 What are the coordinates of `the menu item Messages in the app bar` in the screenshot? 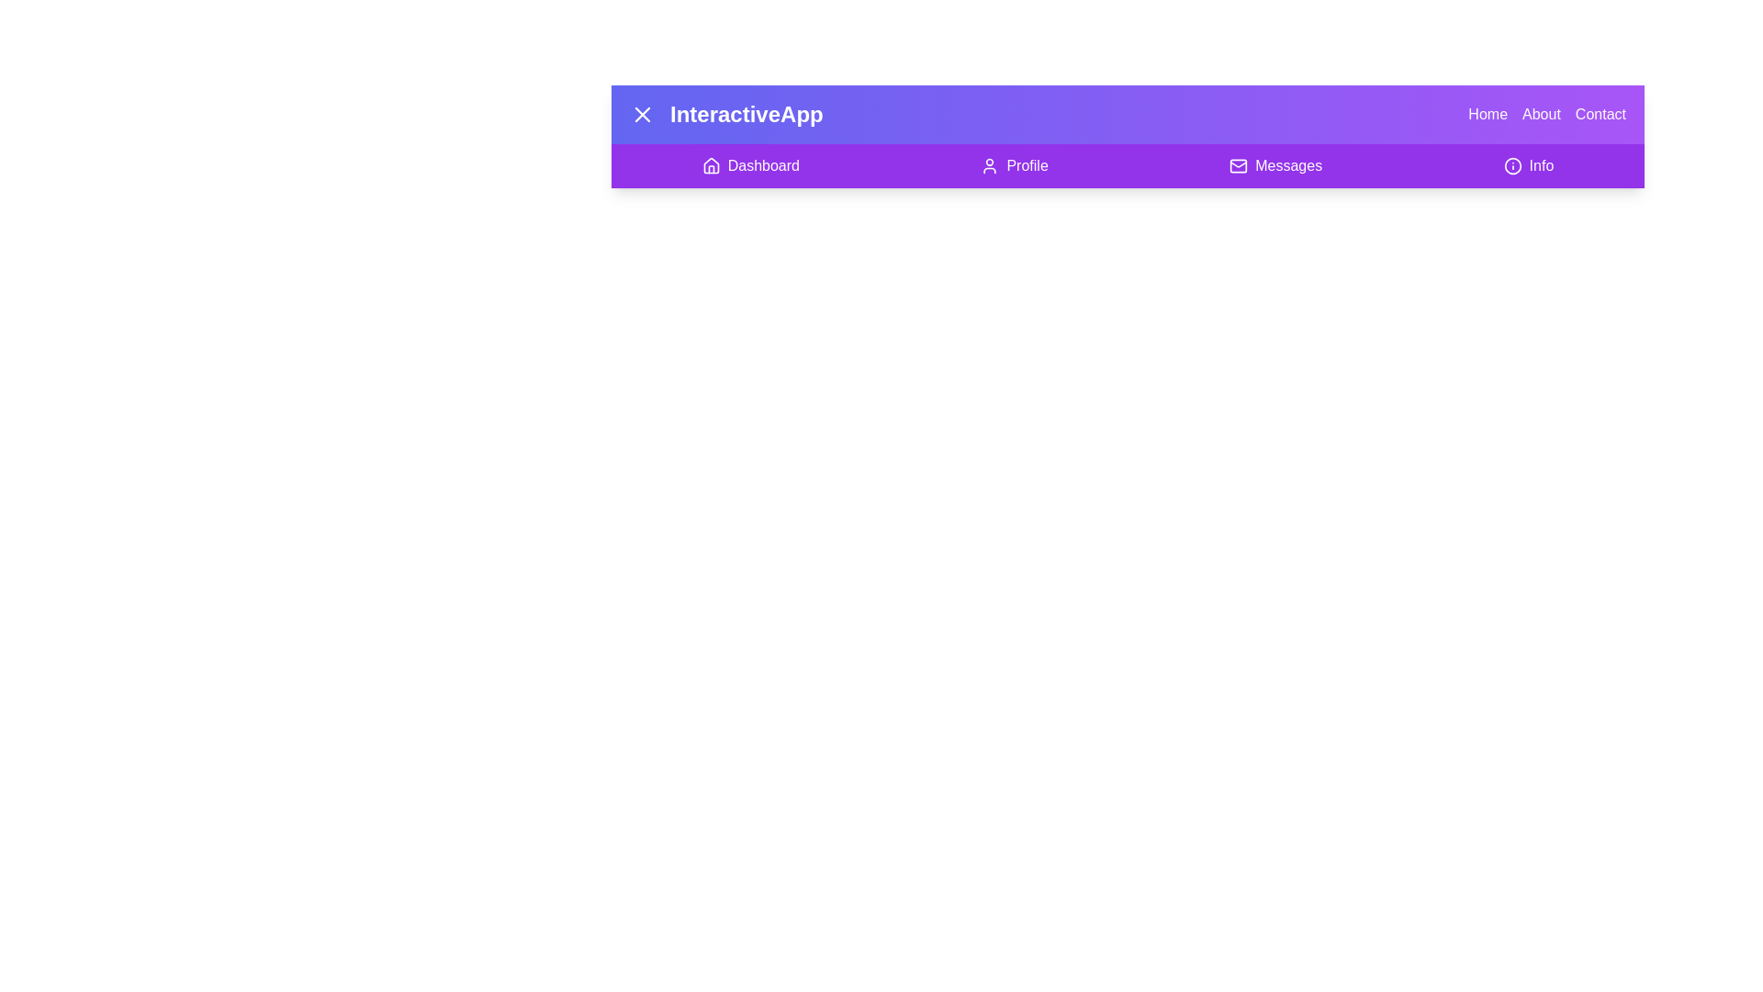 It's located at (1275, 166).